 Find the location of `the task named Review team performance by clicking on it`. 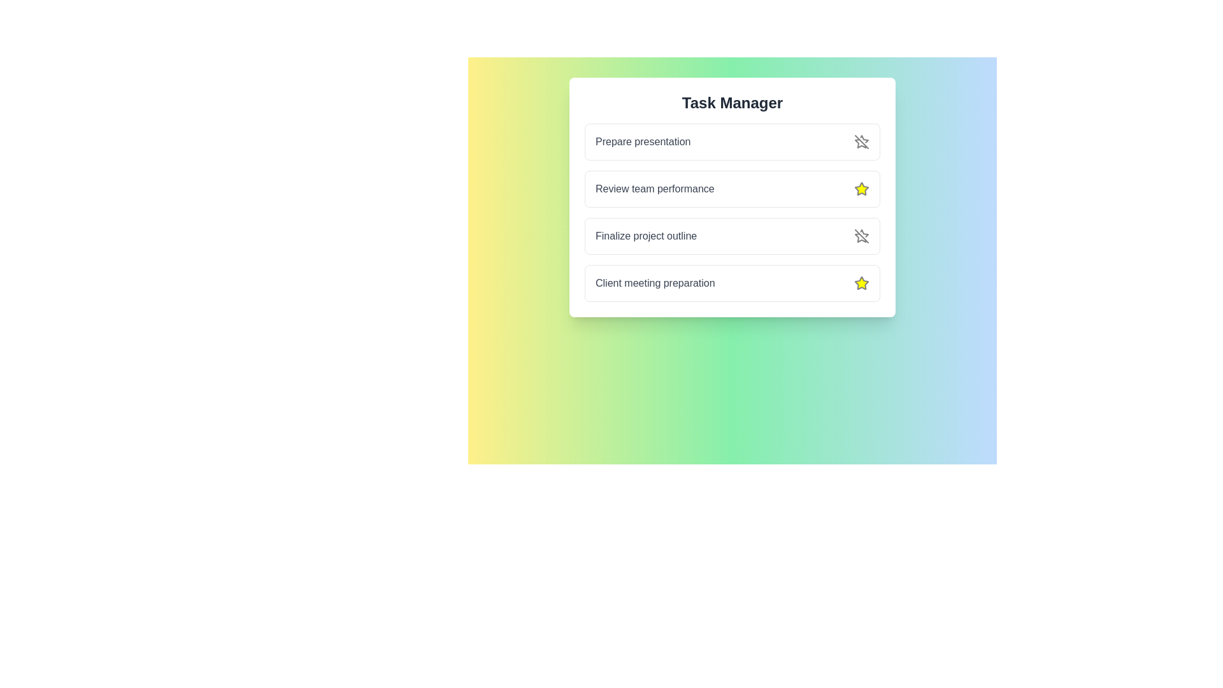

the task named Review team performance by clicking on it is located at coordinates (655, 189).